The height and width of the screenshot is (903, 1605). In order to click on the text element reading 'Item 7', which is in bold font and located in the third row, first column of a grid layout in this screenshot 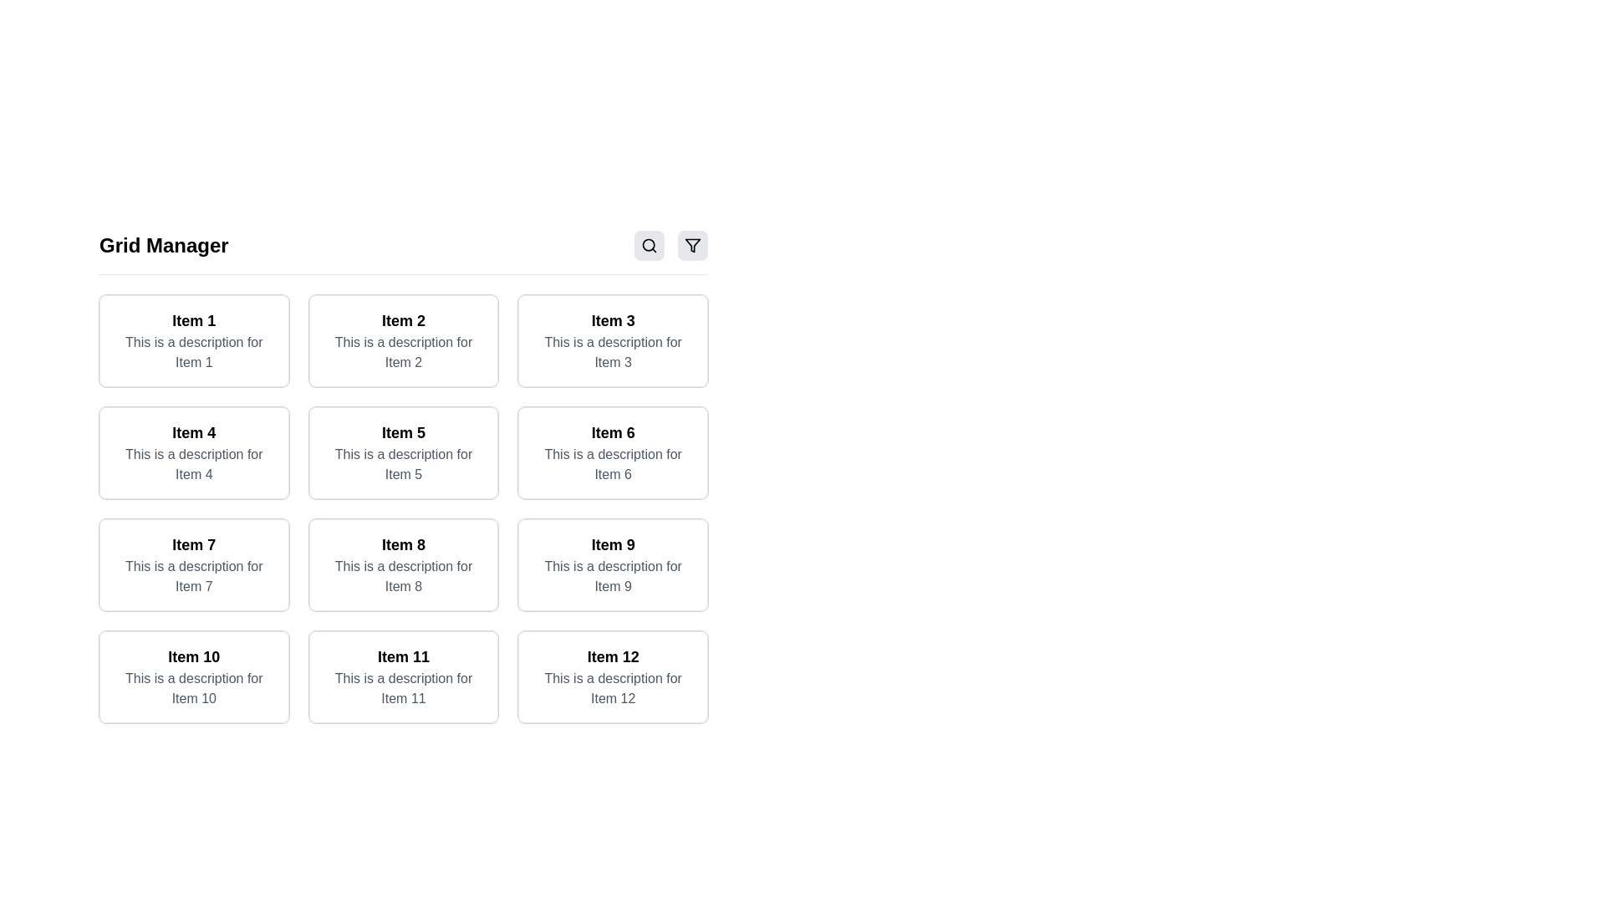, I will do `click(194, 544)`.